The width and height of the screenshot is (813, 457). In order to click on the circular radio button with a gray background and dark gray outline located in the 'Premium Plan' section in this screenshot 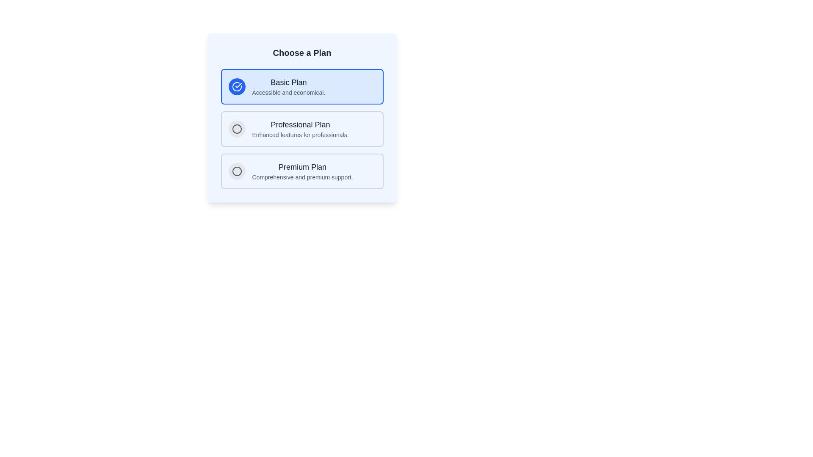, I will do `click(237, 171)`.